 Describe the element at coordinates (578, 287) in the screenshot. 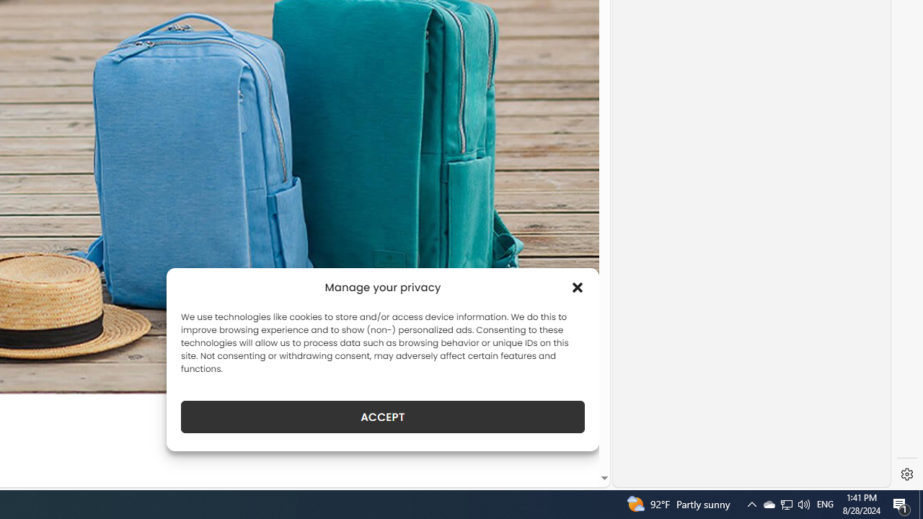

I see `'Class: cmplz-close'` at that location.